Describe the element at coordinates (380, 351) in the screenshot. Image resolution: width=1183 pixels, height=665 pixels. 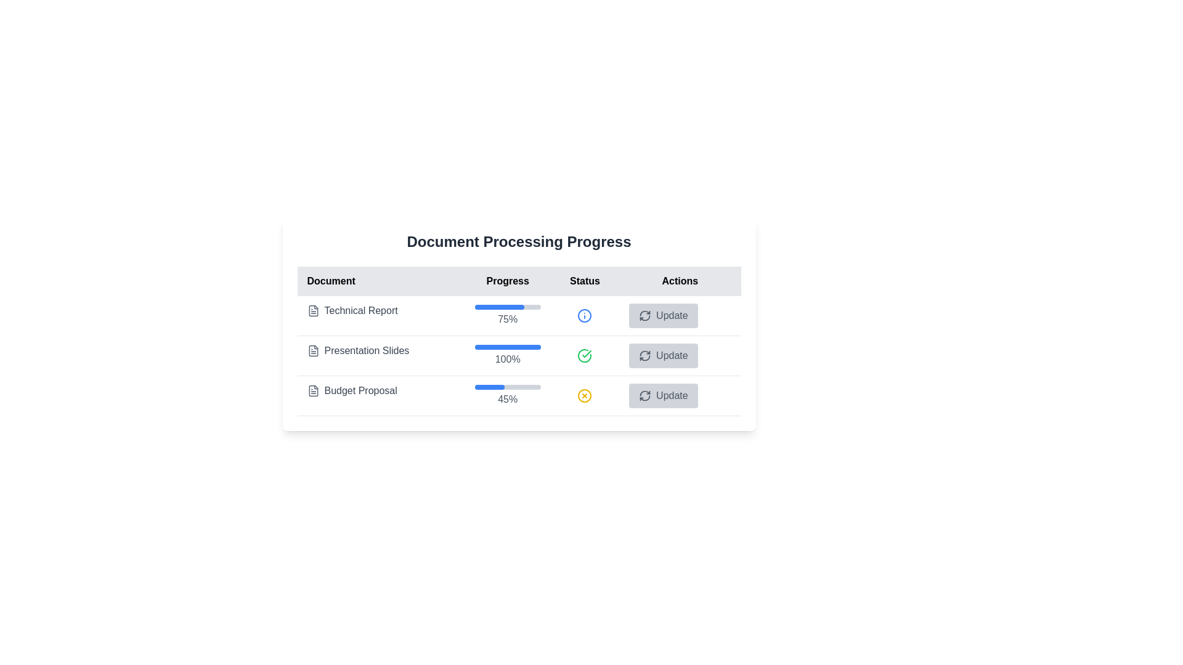
I see `the label representing the document item named 'Presentation Slides' located in the second row of the Document column in a tabular layout` at that location.